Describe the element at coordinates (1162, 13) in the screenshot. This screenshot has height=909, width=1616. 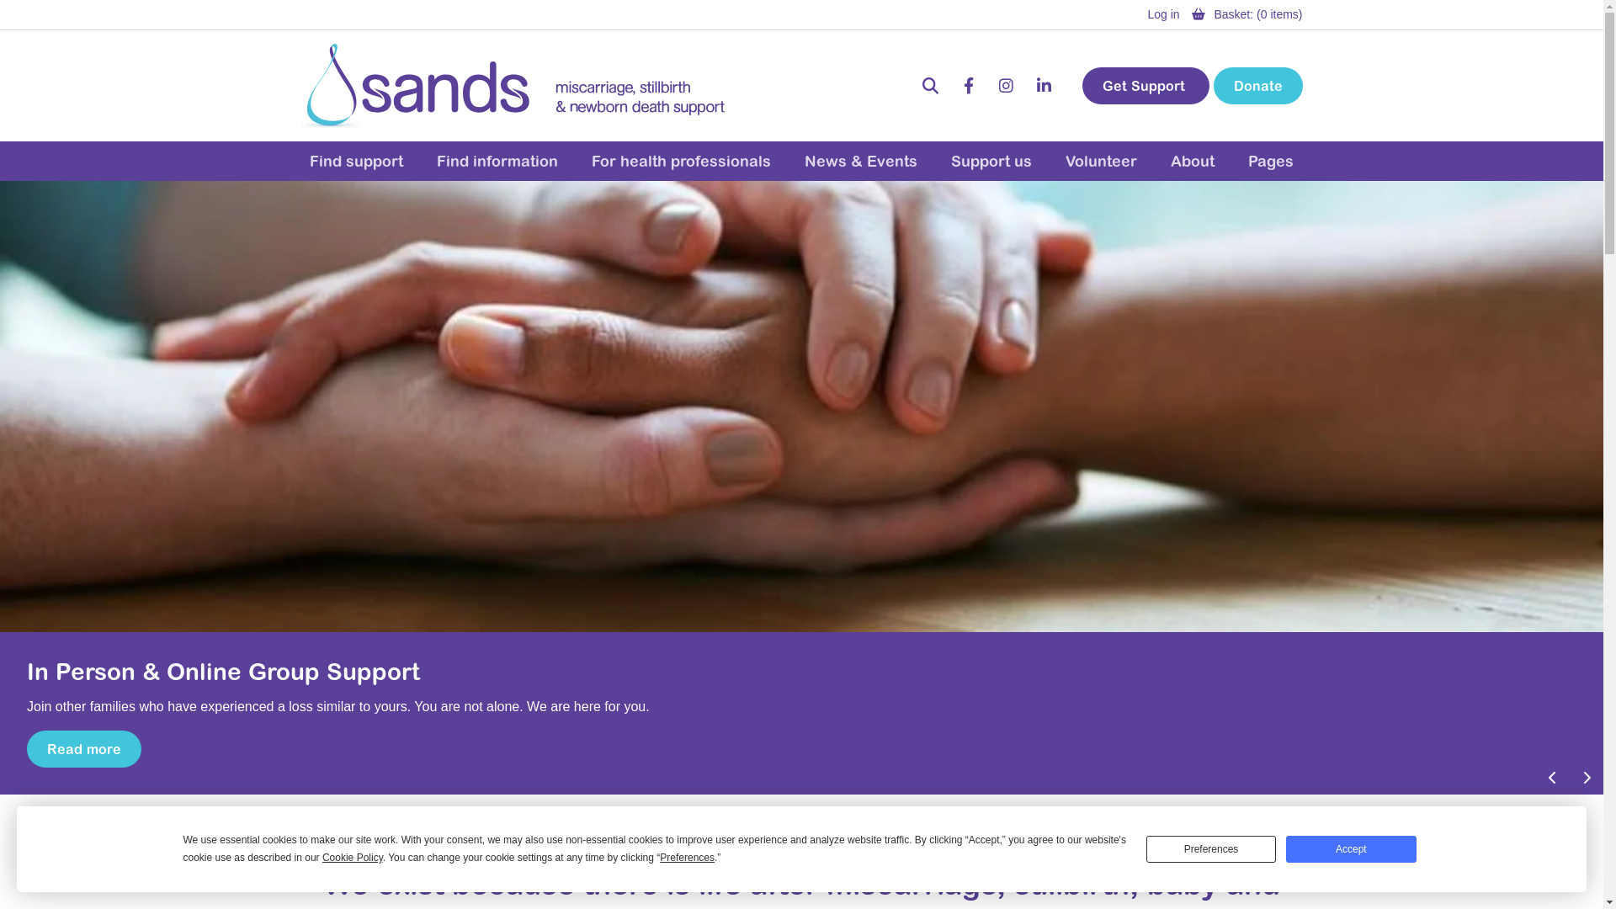
I see `'Log in'` at that location.